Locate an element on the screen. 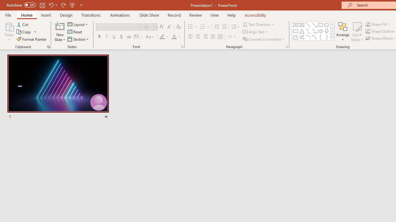 Image resolution: width=396 pixels, height=222 pixels. 'Cut' is located at coordinates (23, 24).